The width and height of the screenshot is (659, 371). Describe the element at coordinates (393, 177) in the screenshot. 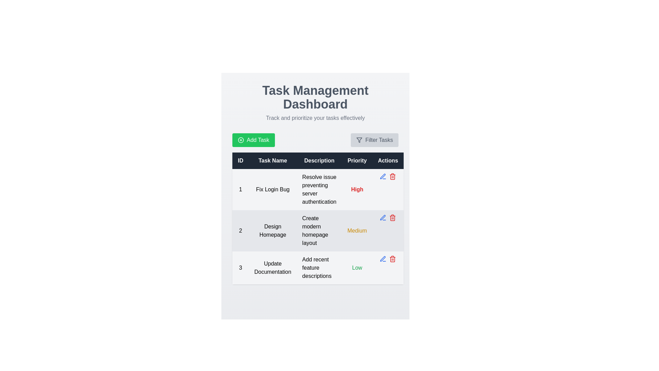

I see `the delete icon button located in the 'Actions' column of the task management table for the first task entry` at that location.